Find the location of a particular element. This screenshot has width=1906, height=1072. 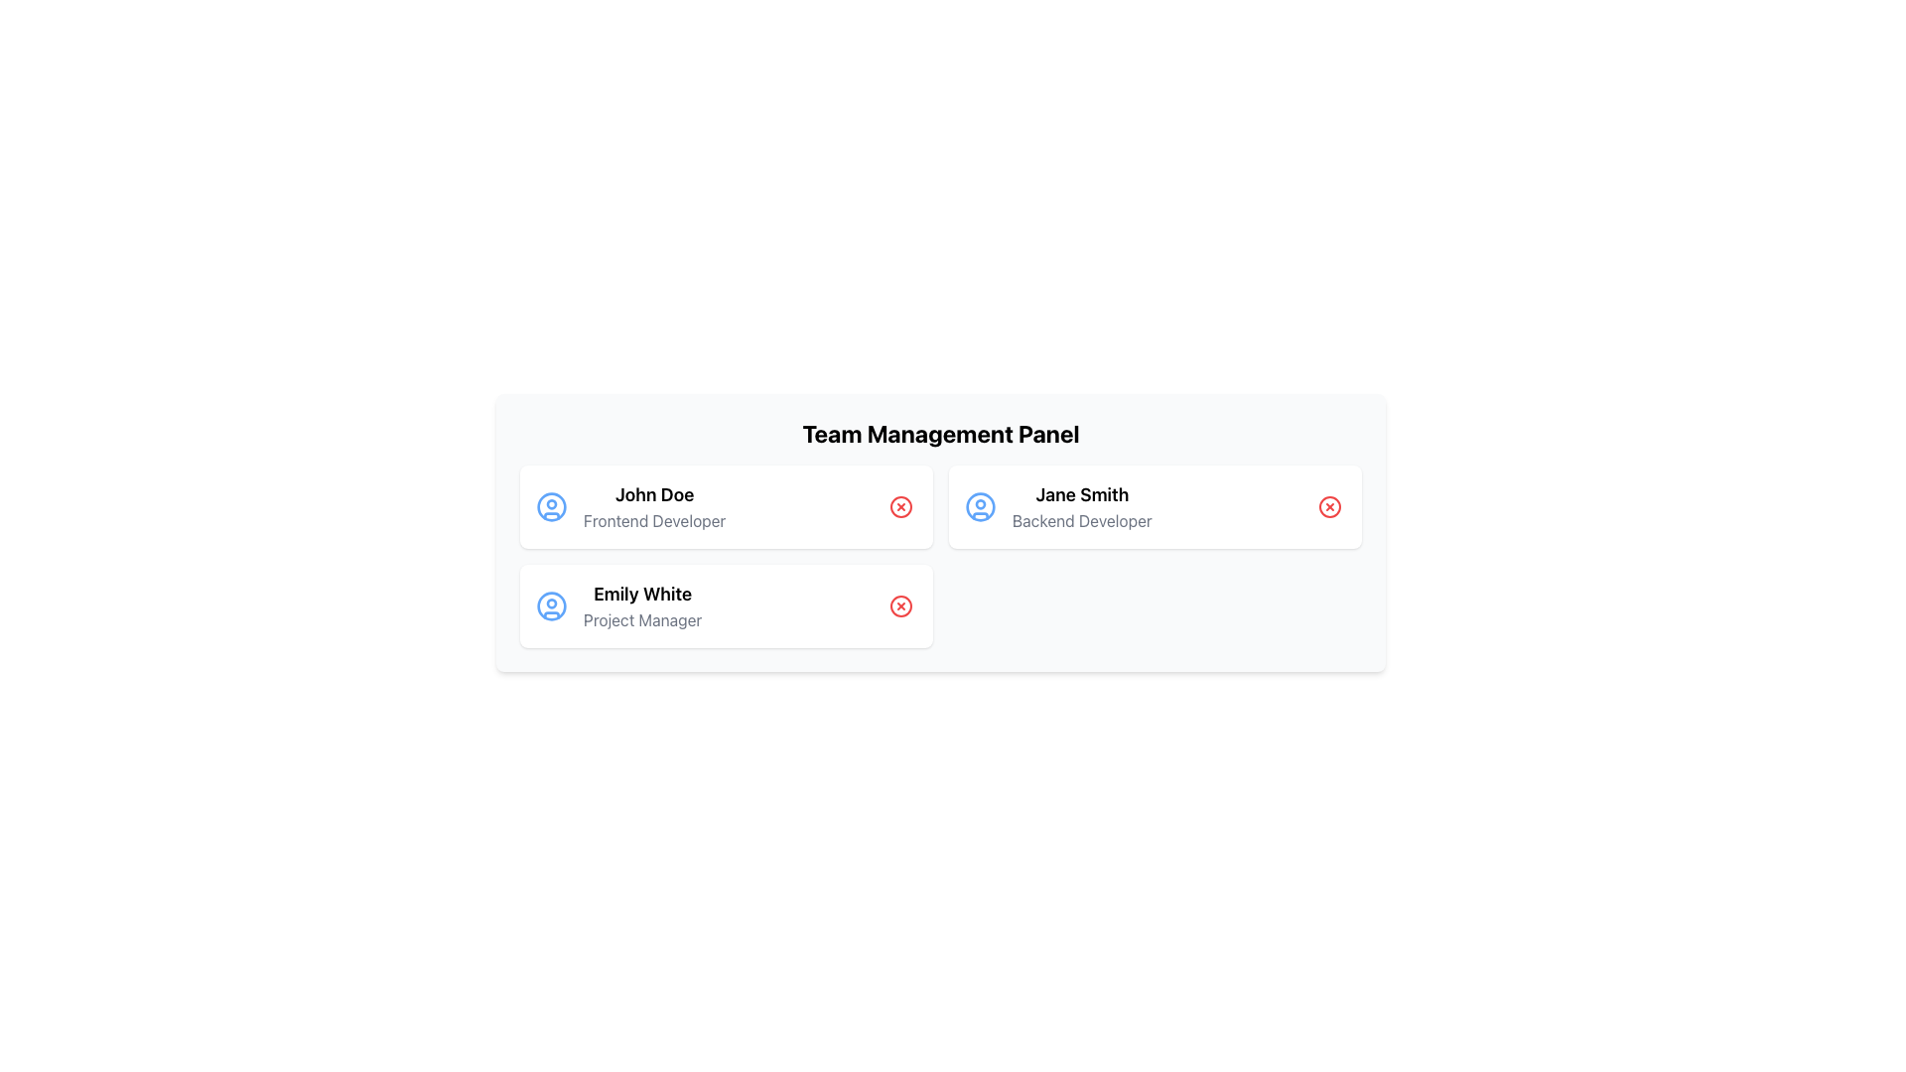

the dismiss button for the 'Emily White' entry is located at coordinates (899, 604).